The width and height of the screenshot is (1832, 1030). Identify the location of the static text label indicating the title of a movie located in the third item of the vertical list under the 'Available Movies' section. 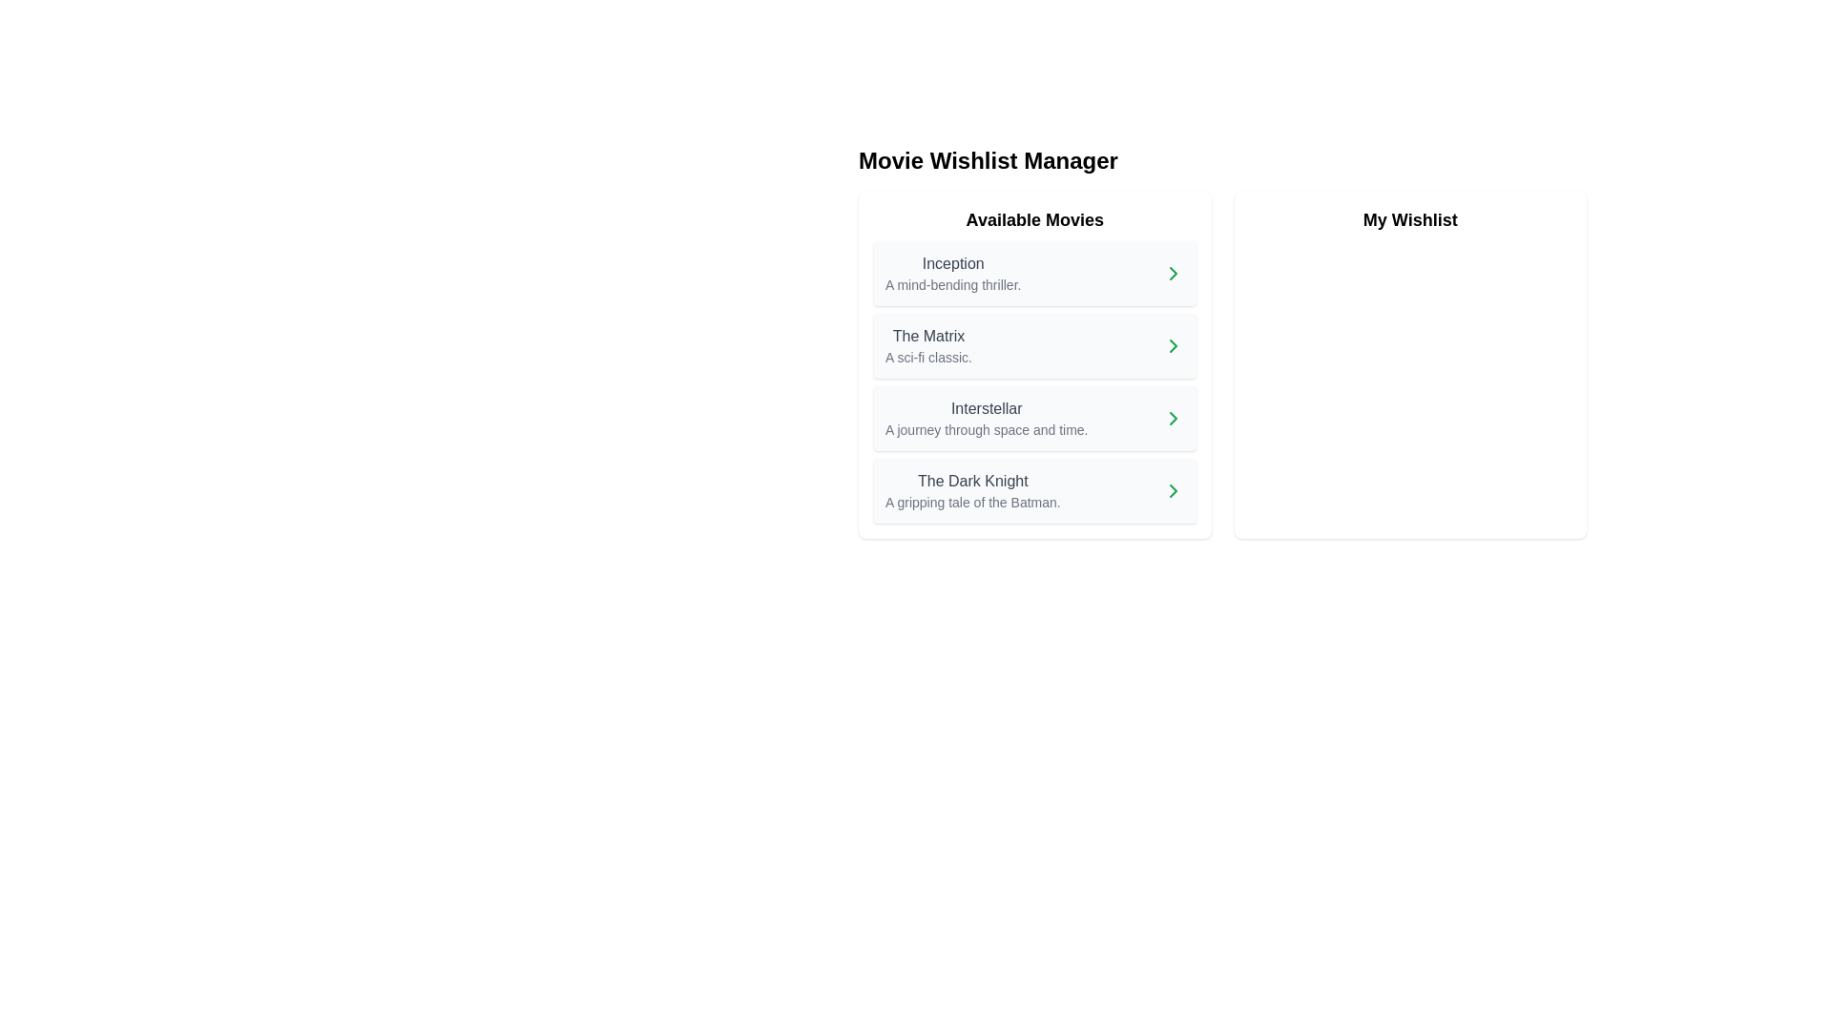
(987, 407).